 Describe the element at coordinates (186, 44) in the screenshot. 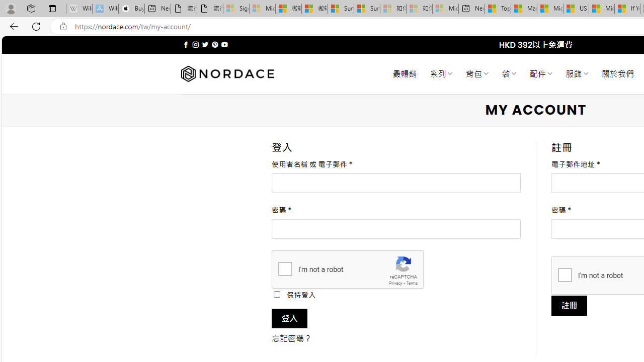

I see `'Follow on Facebook'` at that location.